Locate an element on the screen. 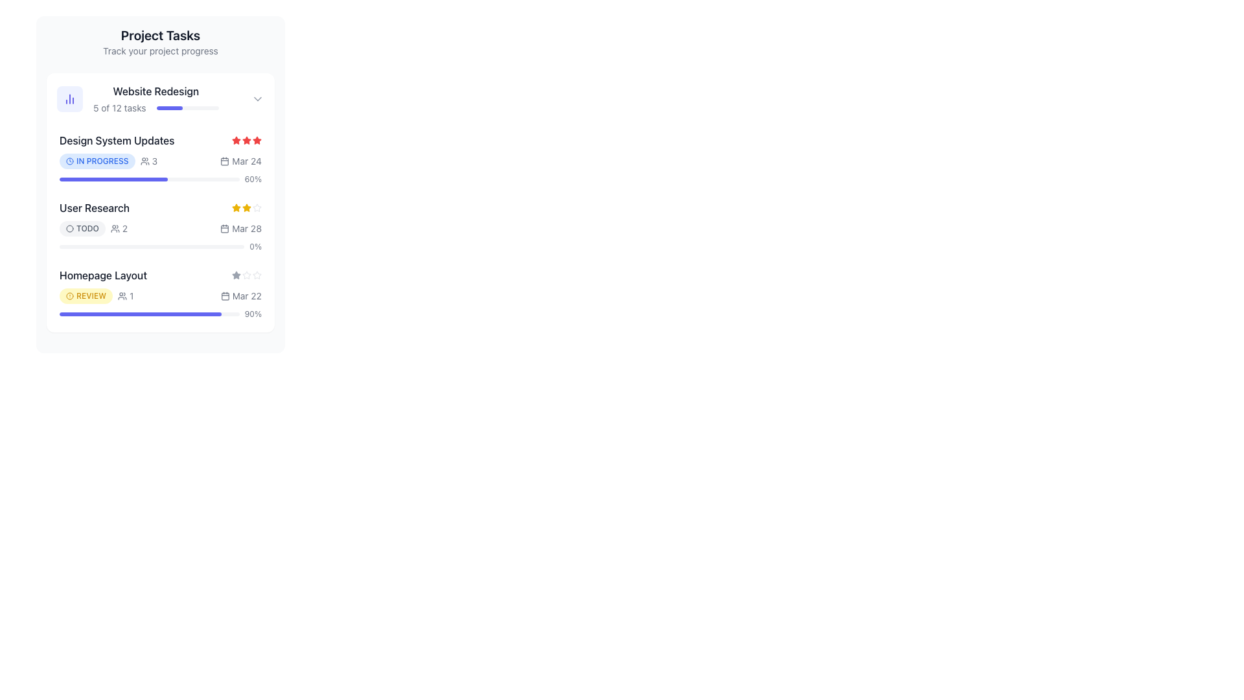 The width and height of the screenshot is (1244, 700). the circular button icon that serves as a visual indicator for the 'Website Redesign' project, located at the top left corner of the 'Project Tasks' card, before the text 'Website Redesign' is located at coordinates (69, 99).